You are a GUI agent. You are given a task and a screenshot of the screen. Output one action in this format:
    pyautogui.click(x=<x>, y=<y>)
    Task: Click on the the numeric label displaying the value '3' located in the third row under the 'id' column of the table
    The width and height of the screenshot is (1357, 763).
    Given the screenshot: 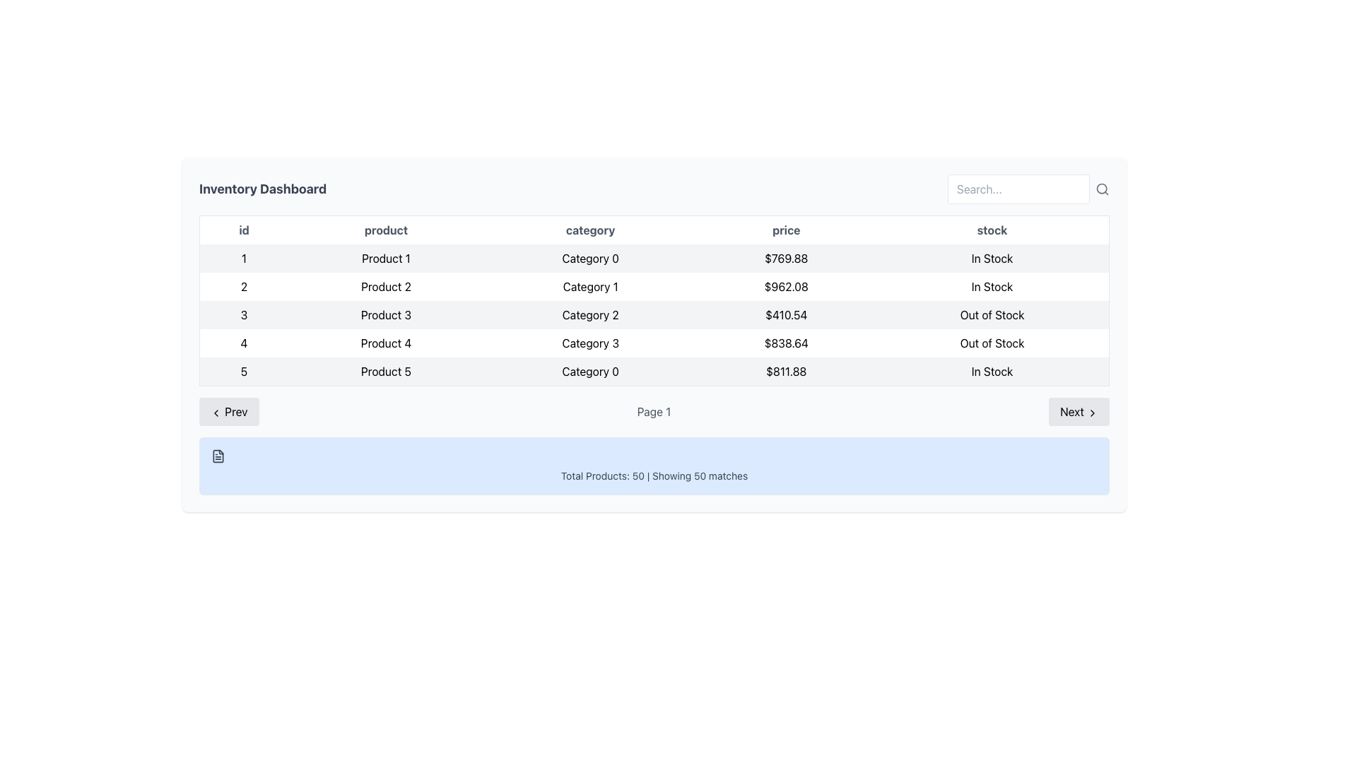 What is the action you would take?
    pyautogui.click(x=244, y=314)
    